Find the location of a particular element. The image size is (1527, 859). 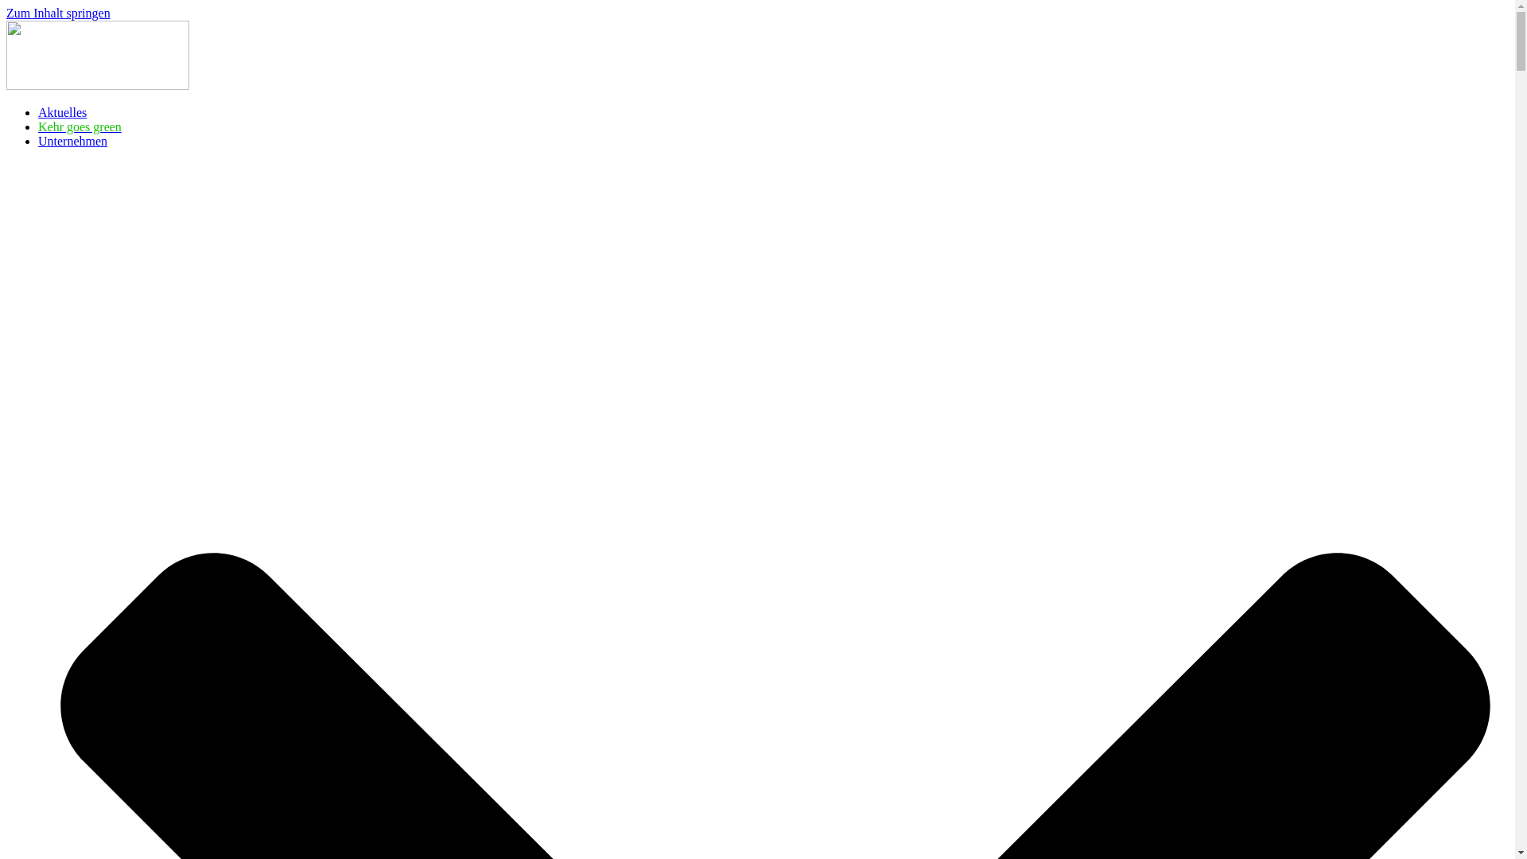

'Aktuelles' is located at coordinates (62, 111).